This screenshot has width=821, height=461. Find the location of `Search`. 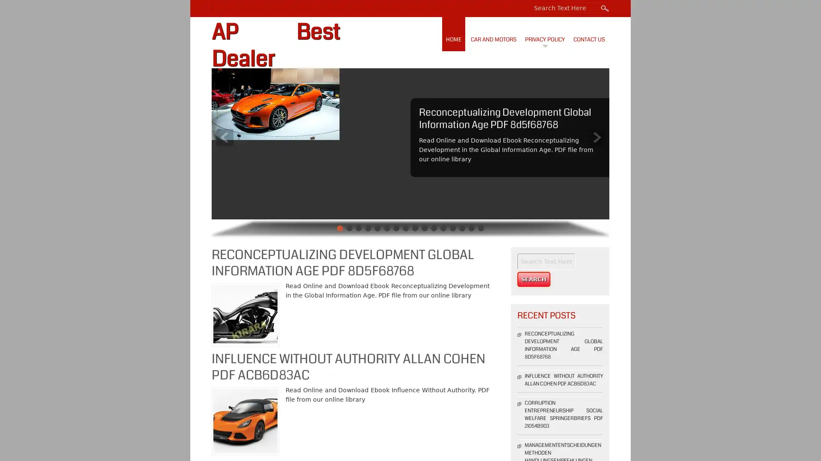

Search is located at coordinates (533, 279).